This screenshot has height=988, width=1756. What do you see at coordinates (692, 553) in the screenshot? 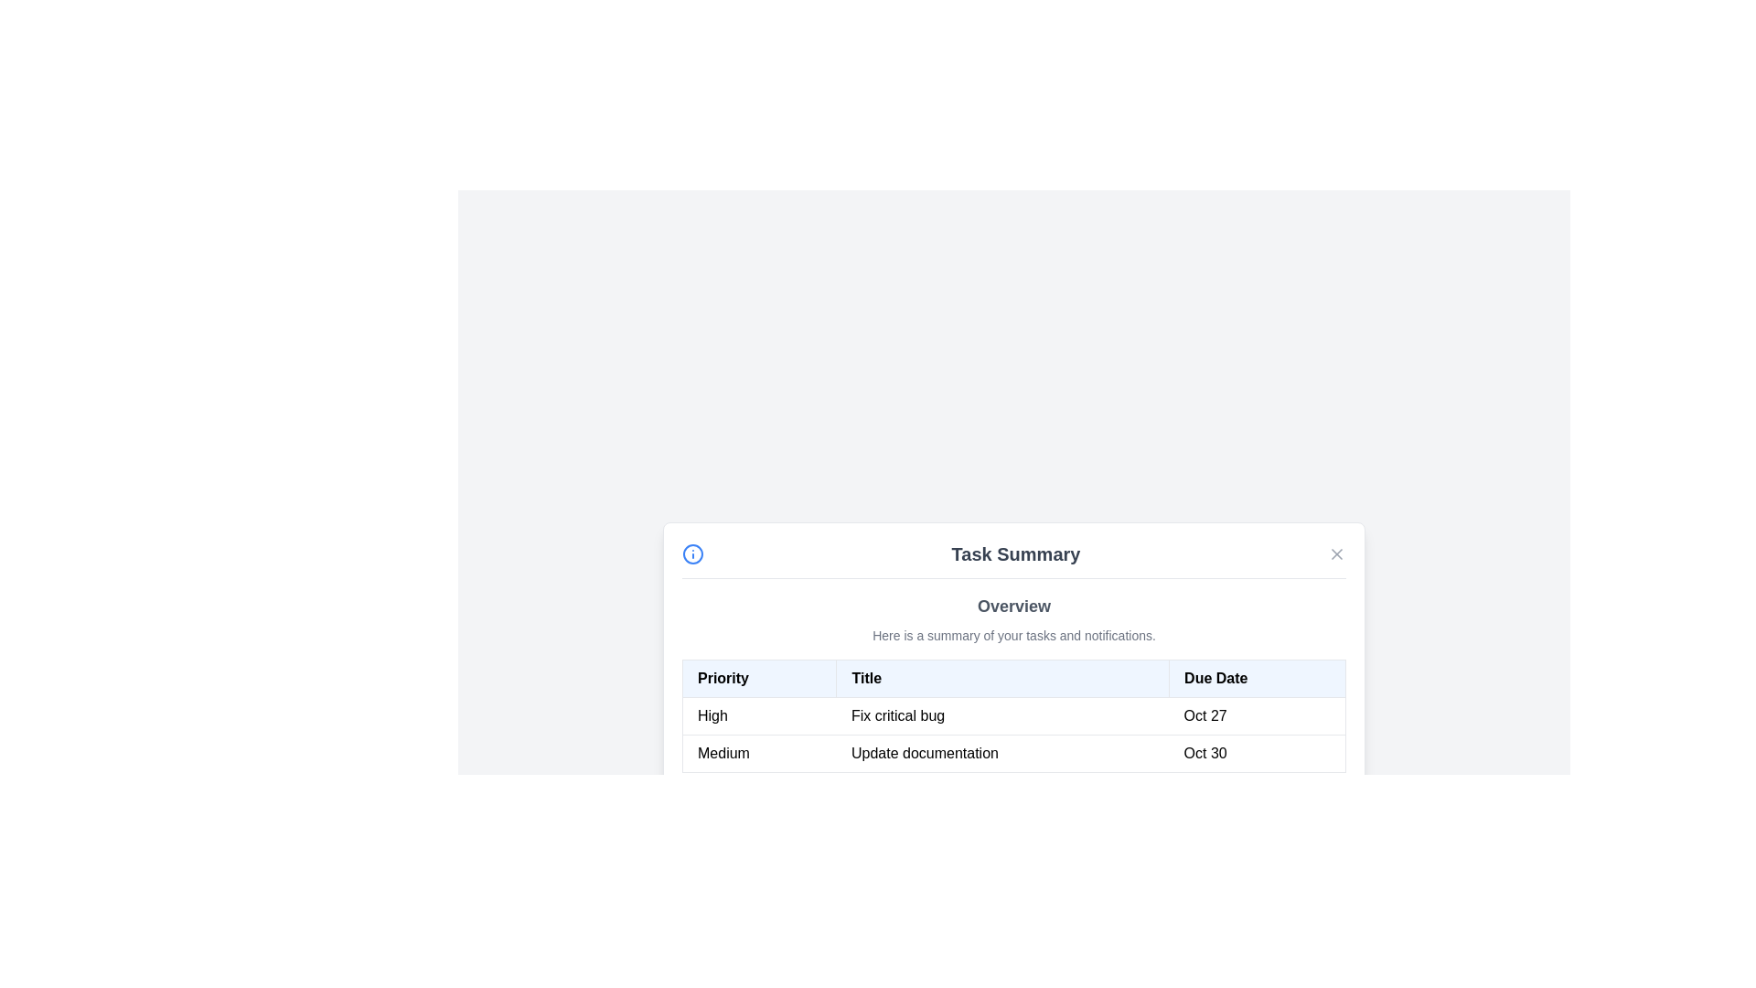
I see `the Circle element in the SVG graphic, which serves as a visual cue within the popup window left of the 'Task Summary' title` at bounding box center [692, 553].